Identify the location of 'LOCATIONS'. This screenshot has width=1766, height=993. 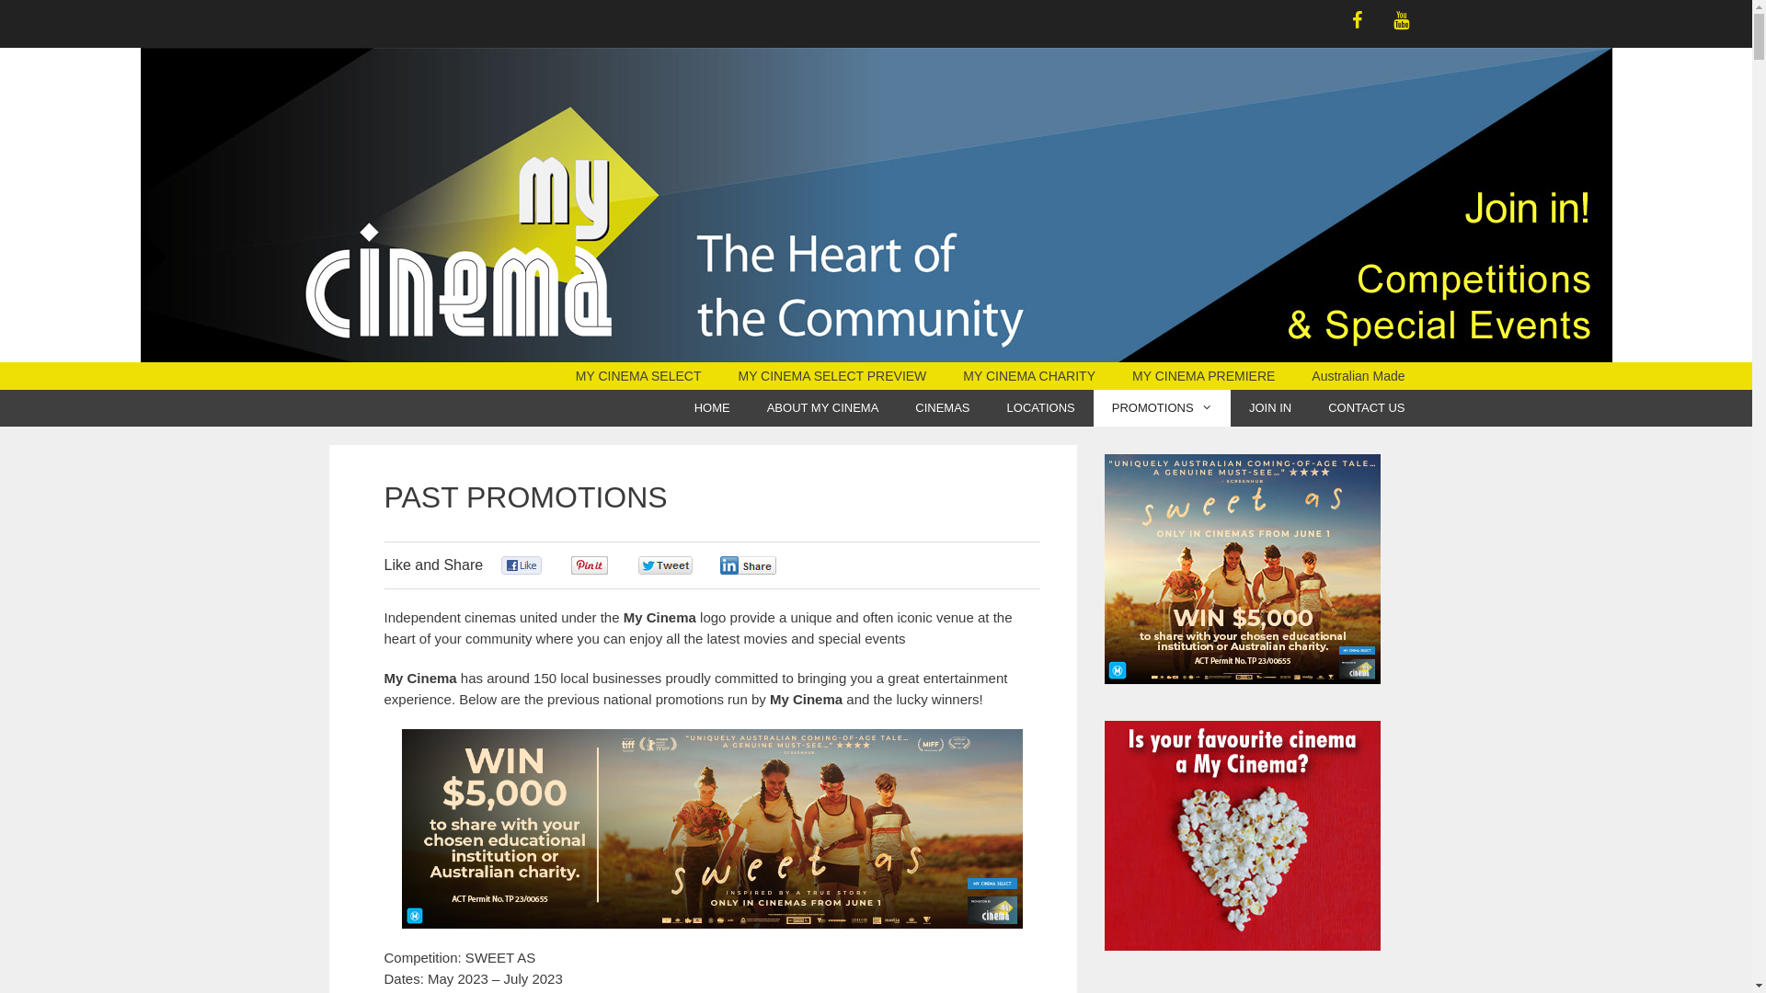
(1041, 406).